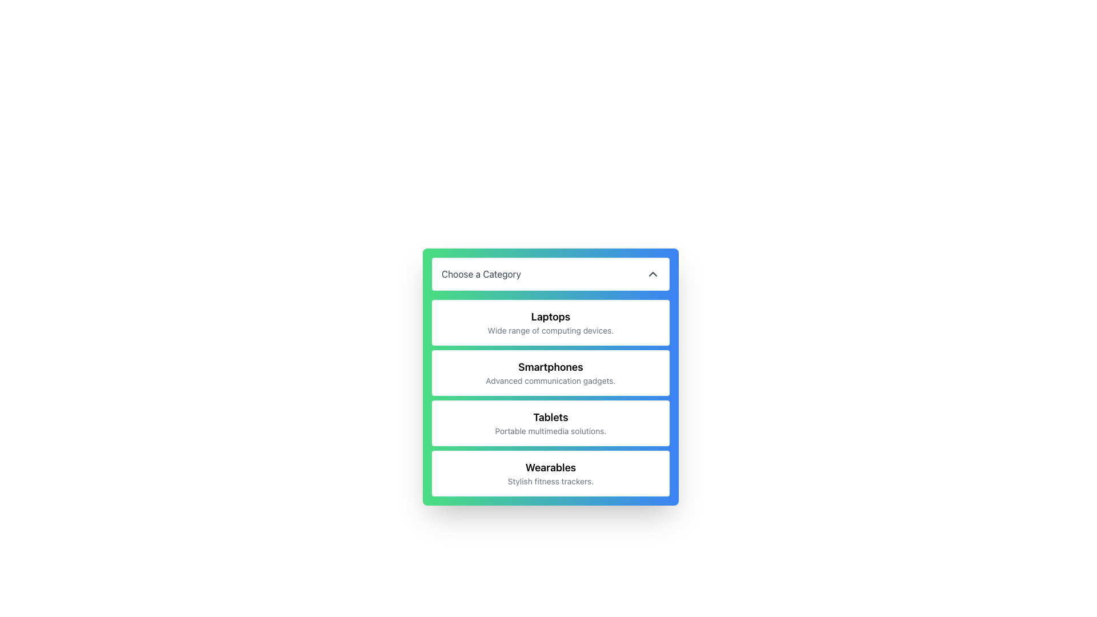 The image size is (1097, 617). I want to click on descriptive text label located below the 'Smartphones' title within the category selector, so click(551, 381).